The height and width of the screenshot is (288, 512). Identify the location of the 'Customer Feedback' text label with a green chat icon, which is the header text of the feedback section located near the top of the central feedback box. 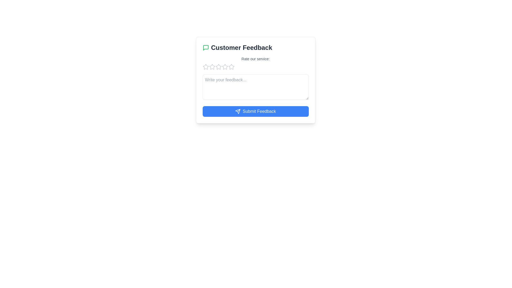
(255, 47).